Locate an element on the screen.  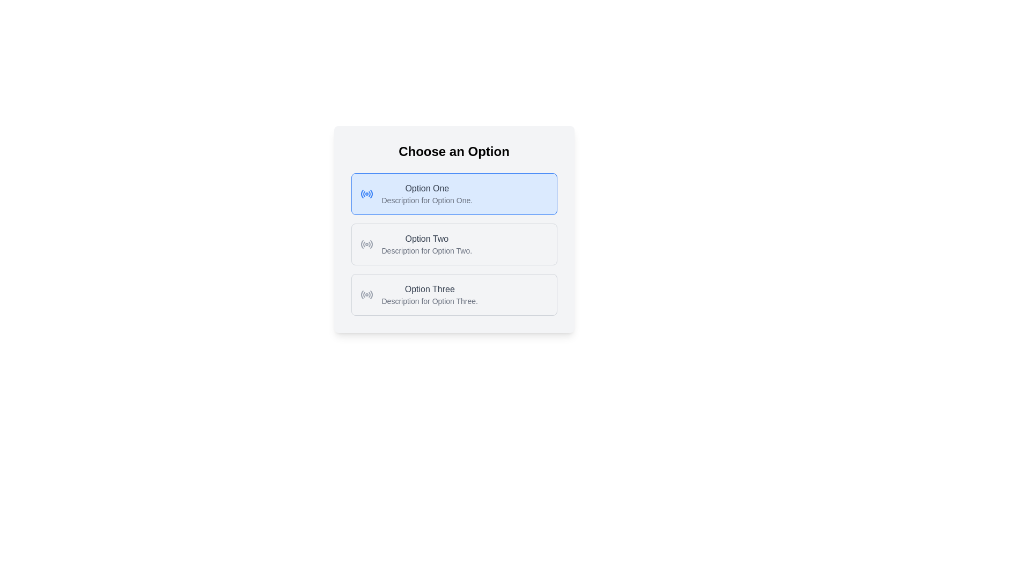
the first selectable card in the list is located at coordinates (454, 194).